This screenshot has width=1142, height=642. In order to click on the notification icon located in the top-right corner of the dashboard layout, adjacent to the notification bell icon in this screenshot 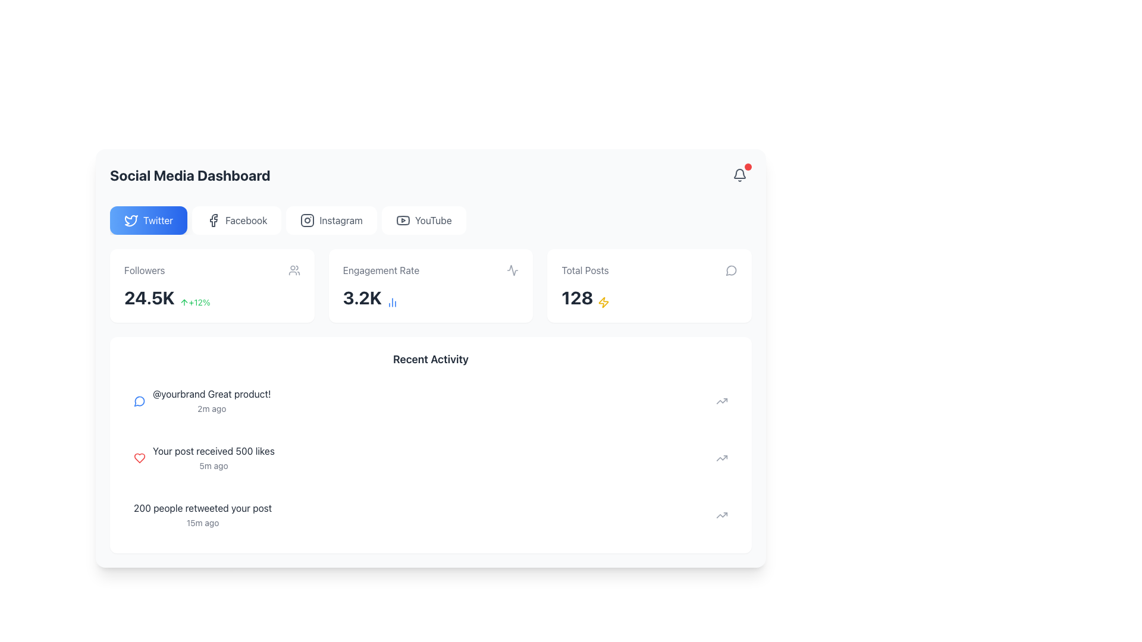, I will do `click(604, 302)`.